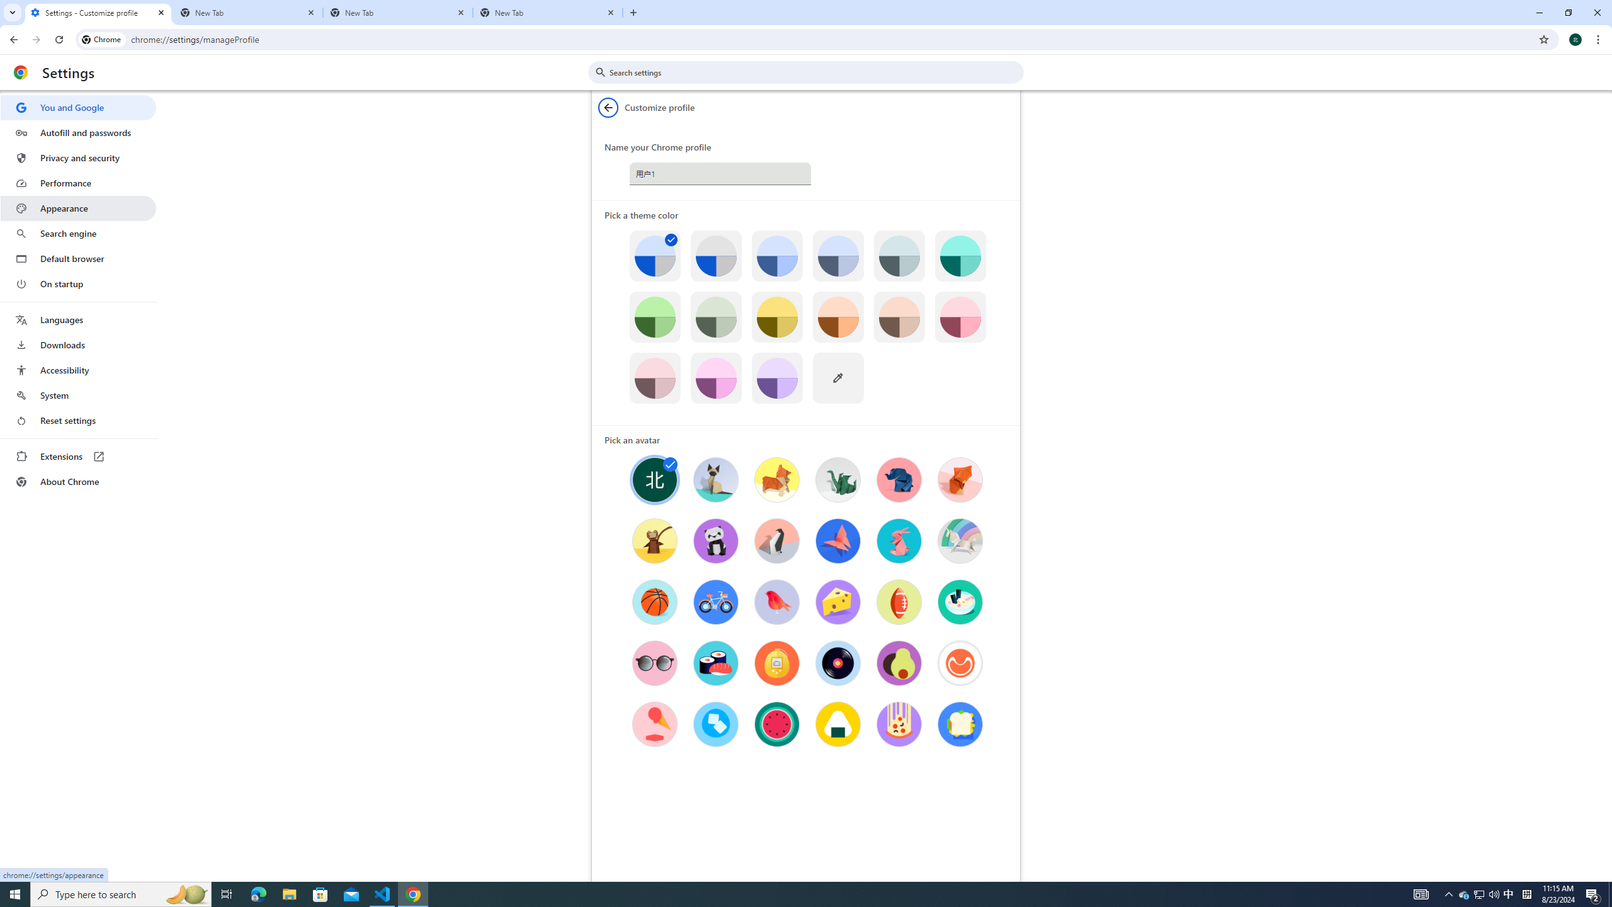 The width and height of the screenshot is (1612, 907). Describe the element at coordinates (248, 12) in the screenshot. I see `'New Tab'` at that location.